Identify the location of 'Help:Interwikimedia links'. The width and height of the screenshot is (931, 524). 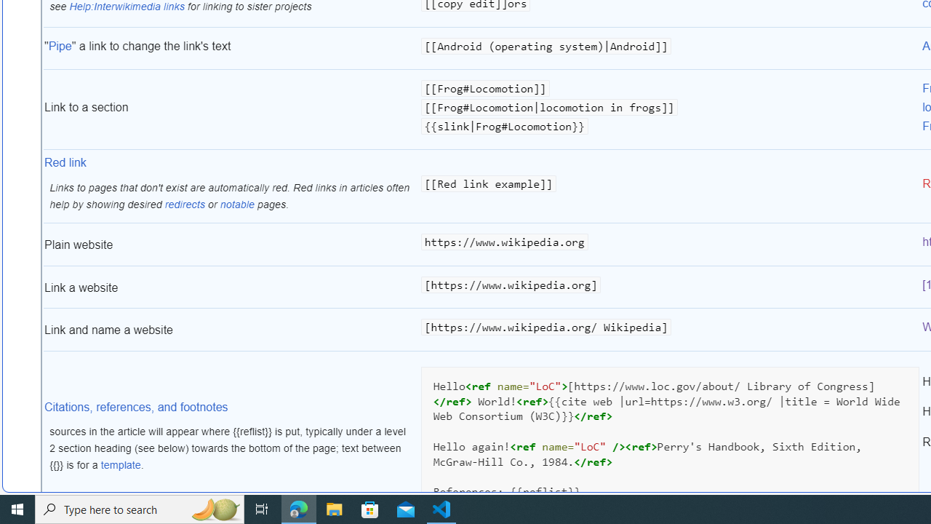
(127, 6).